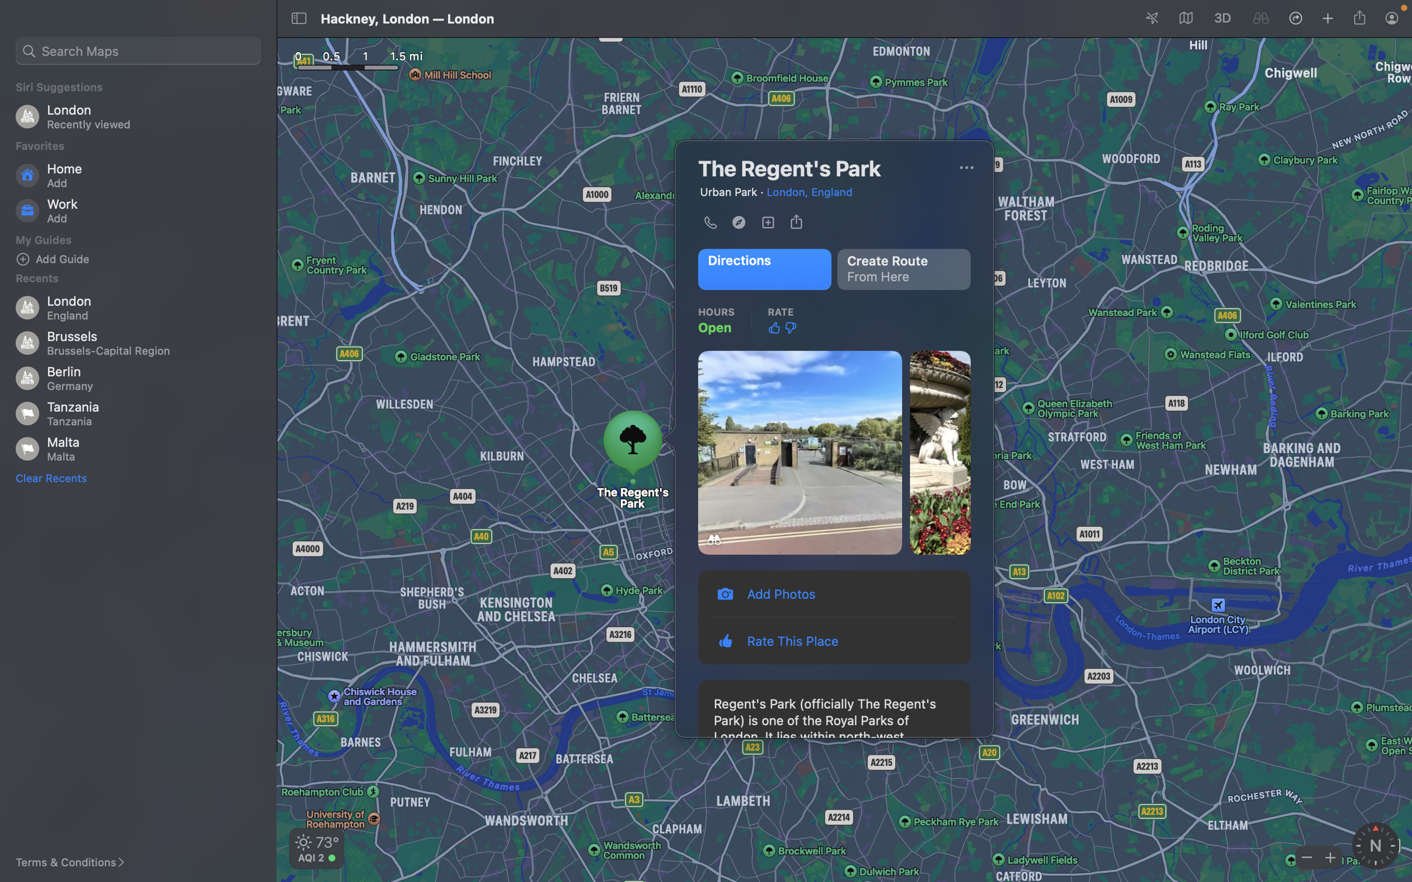  I want to click on restaurants in your vicinity by entering "restaurants" in the search box, so click(137, 48).